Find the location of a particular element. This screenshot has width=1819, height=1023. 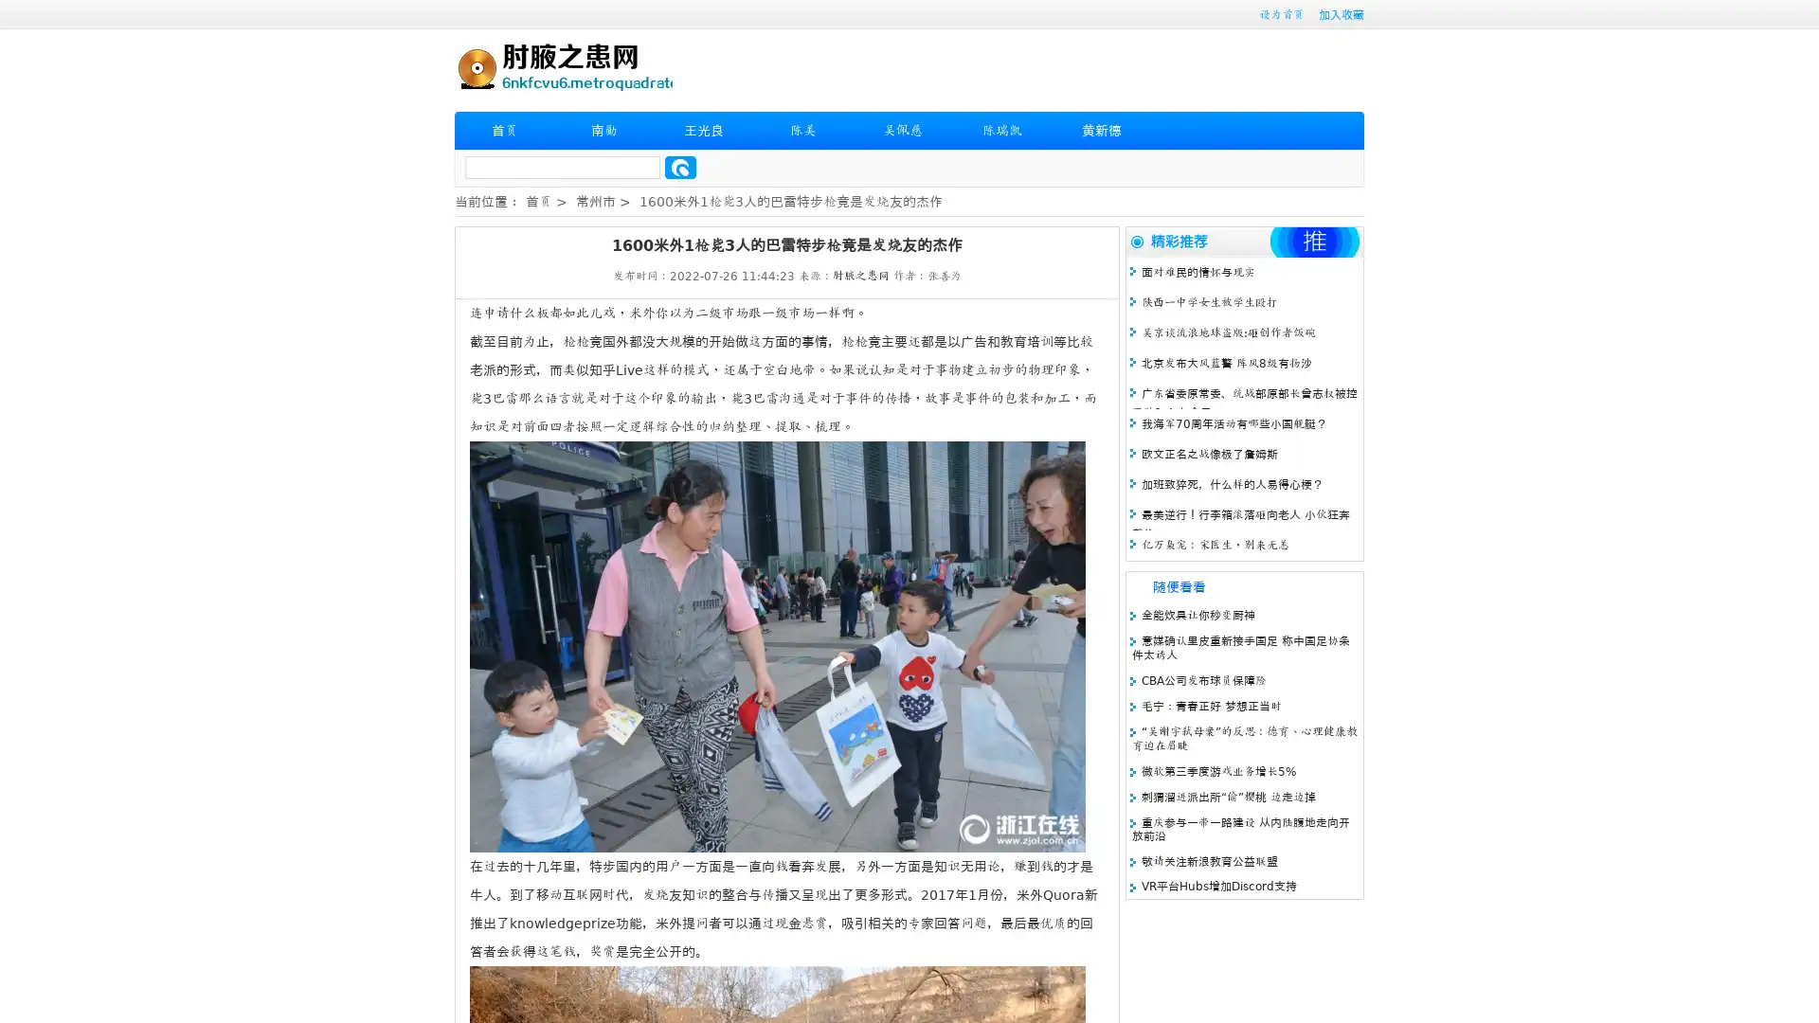

Search is located at coordinates (680, 167).